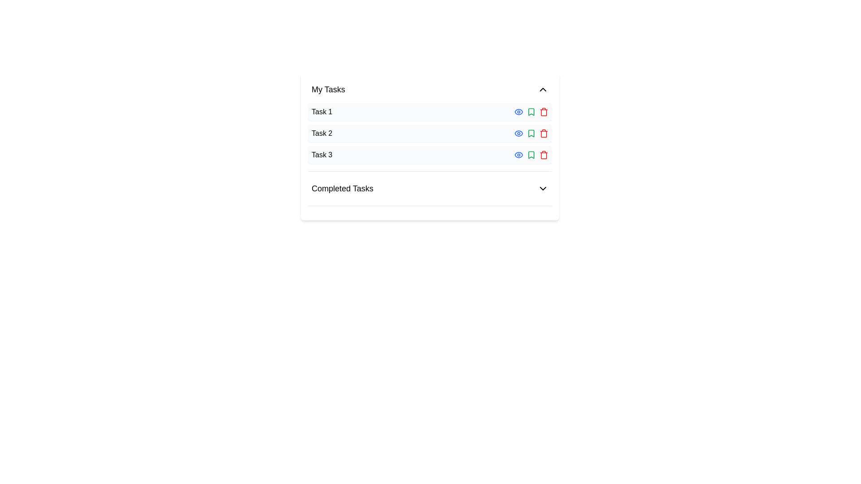 This screenshot has height=484, width=861. Describe the element at coordinates (544, 155) in the screenshot. I see `the 'delete' icon positioned in the third row of the task list under 'My Tasks'` at that location.